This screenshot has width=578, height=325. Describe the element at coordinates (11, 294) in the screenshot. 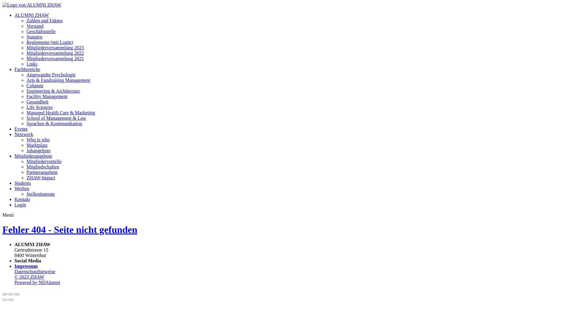

I see `'Vollbild'` at that location.